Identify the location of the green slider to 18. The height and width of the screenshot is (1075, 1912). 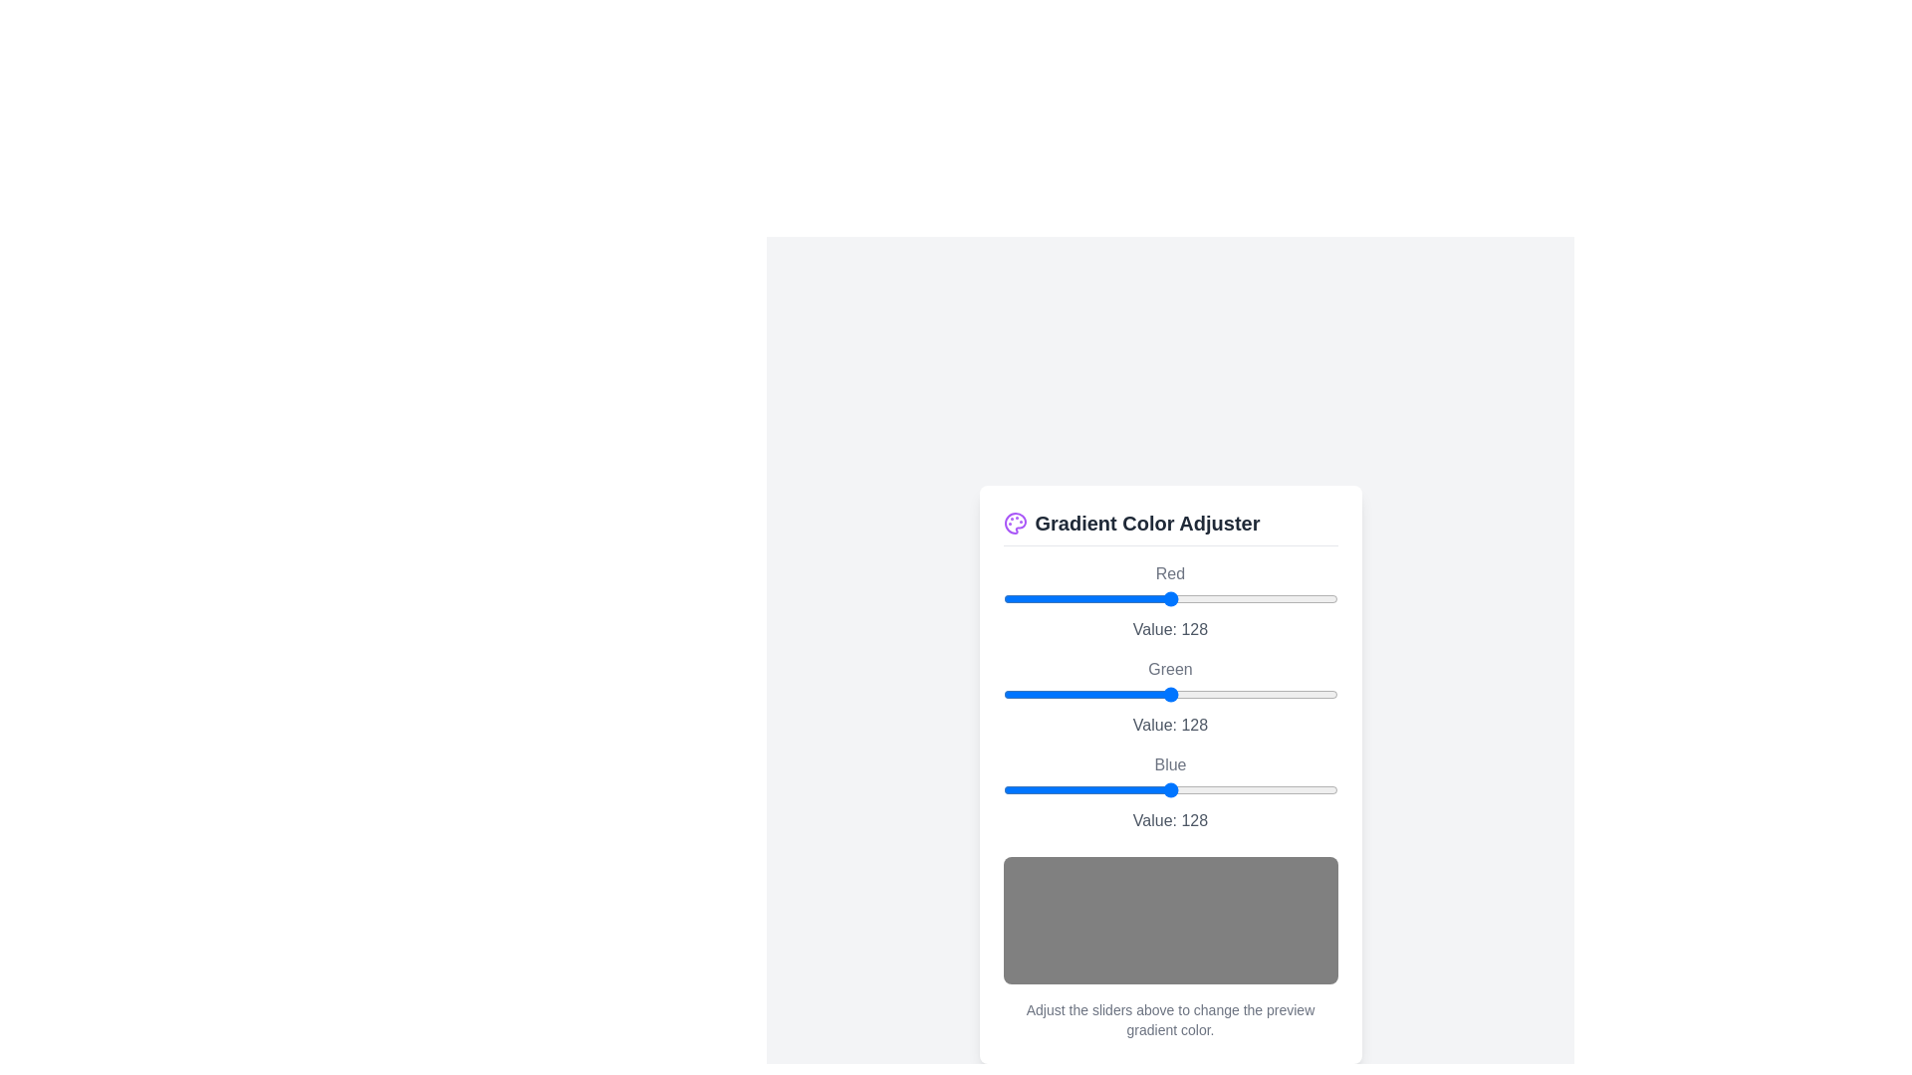
(1027, 693).